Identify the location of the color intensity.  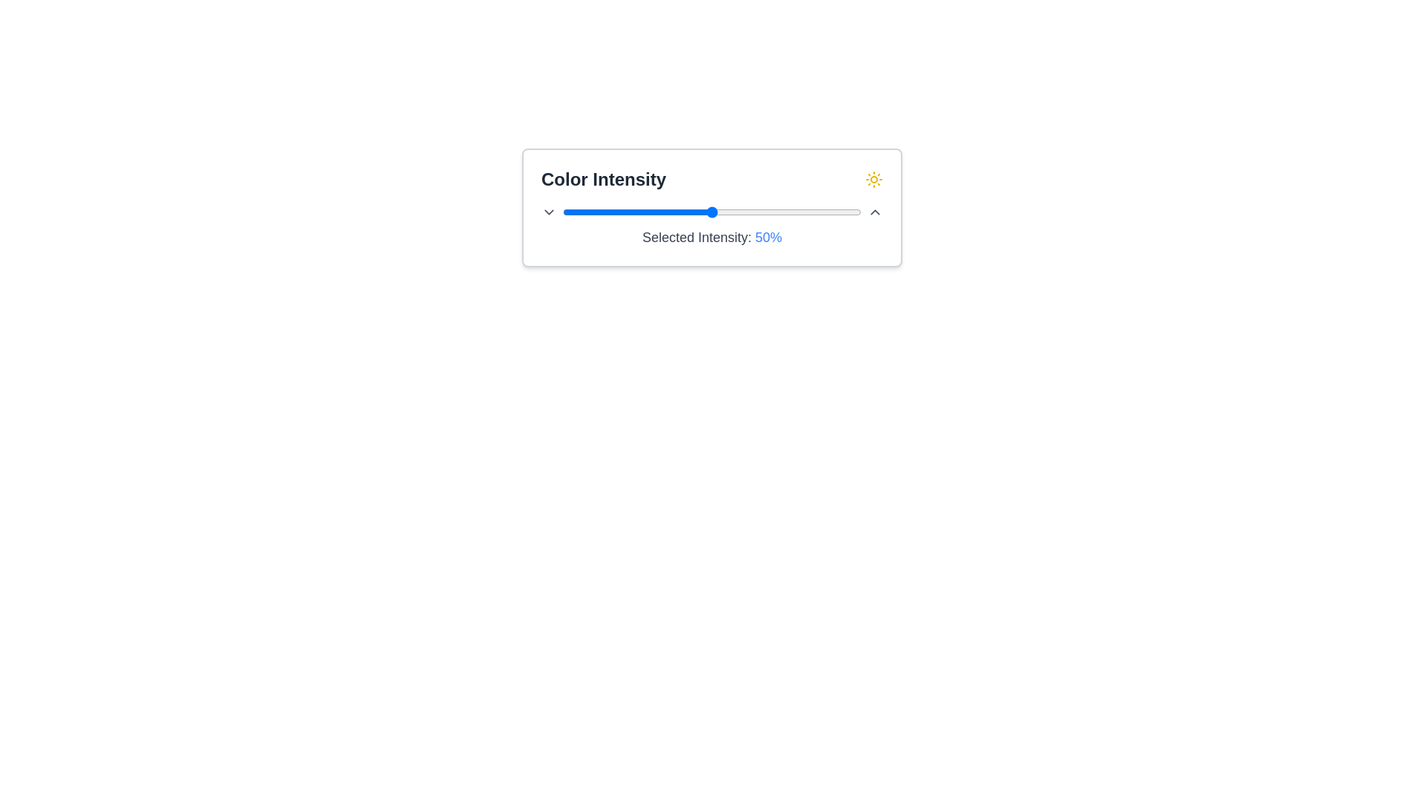
(652, 212).